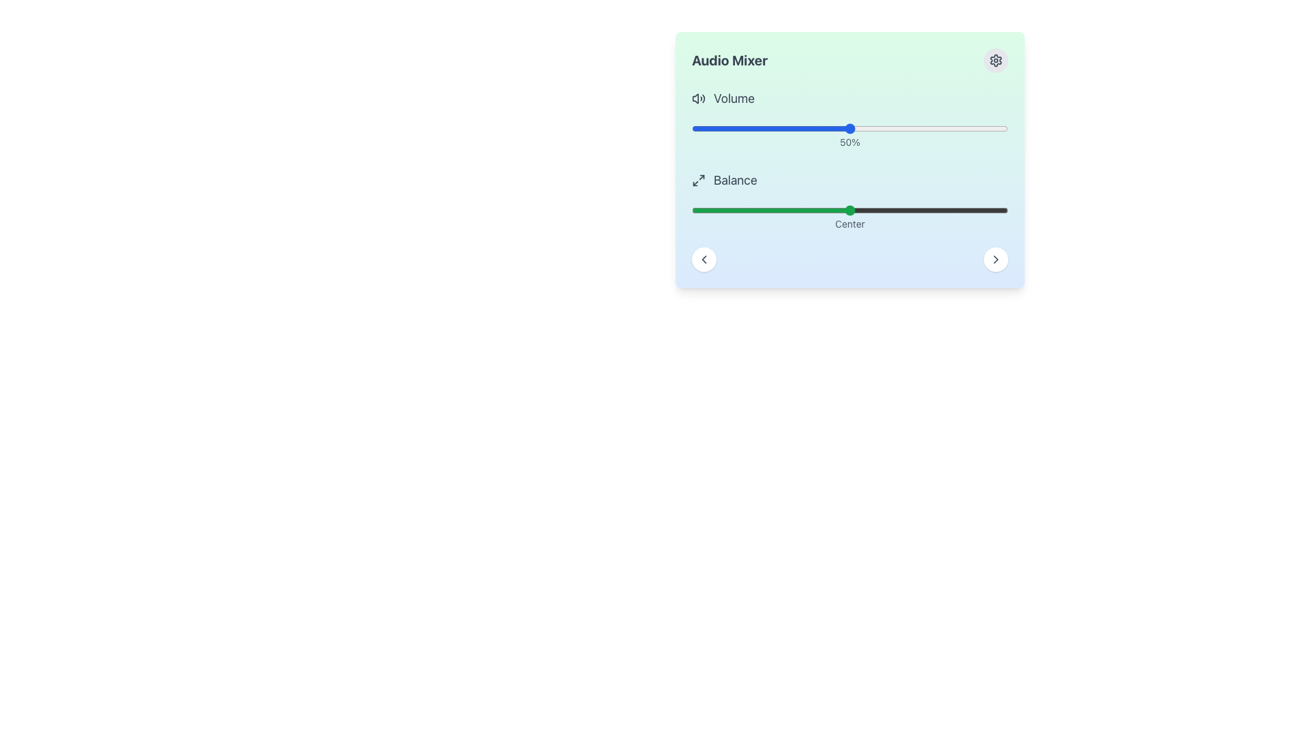 The height and width of the screenshot is (736, 1309). I want to click on the Text Label displaying '50%' in grey font, located below the 'Volume' slider bar in the 'Audio Mixer' interface, so click(849, 142).